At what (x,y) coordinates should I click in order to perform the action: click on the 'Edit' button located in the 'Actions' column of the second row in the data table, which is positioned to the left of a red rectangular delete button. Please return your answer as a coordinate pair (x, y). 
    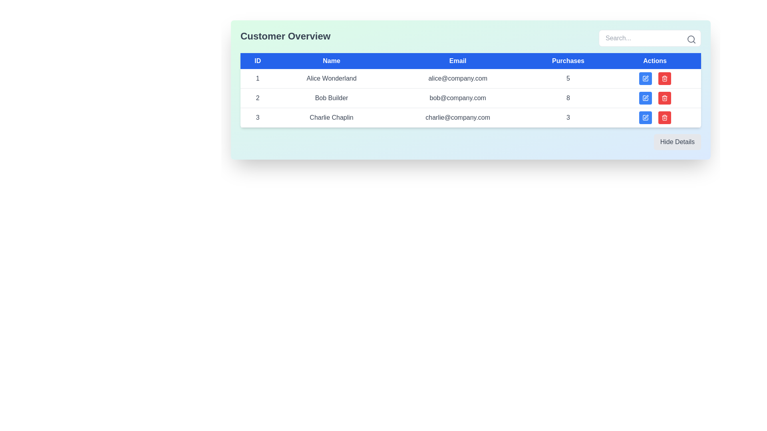
    Looking at the image, I should click on (645, 98).